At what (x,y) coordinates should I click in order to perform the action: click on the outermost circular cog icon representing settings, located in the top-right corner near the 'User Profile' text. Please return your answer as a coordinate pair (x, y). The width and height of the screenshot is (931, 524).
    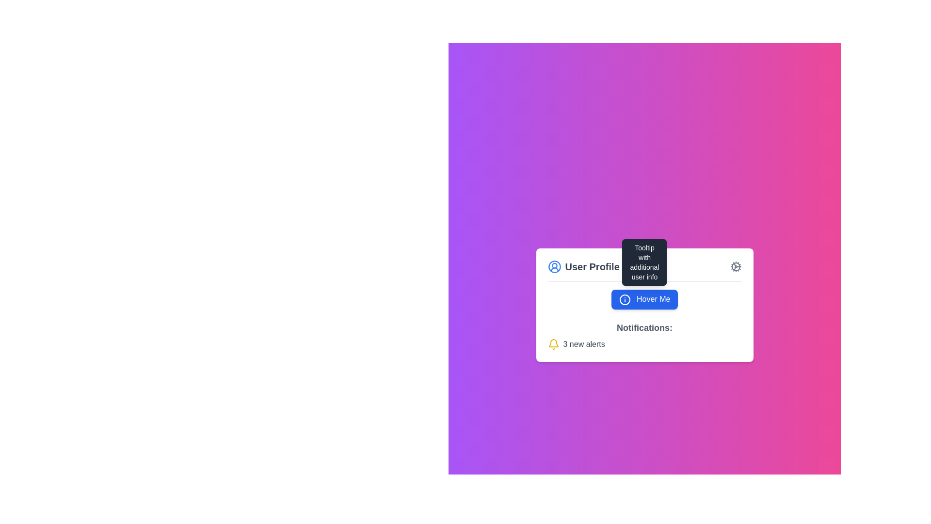
    Looking at the image, I should click on (736, 267).